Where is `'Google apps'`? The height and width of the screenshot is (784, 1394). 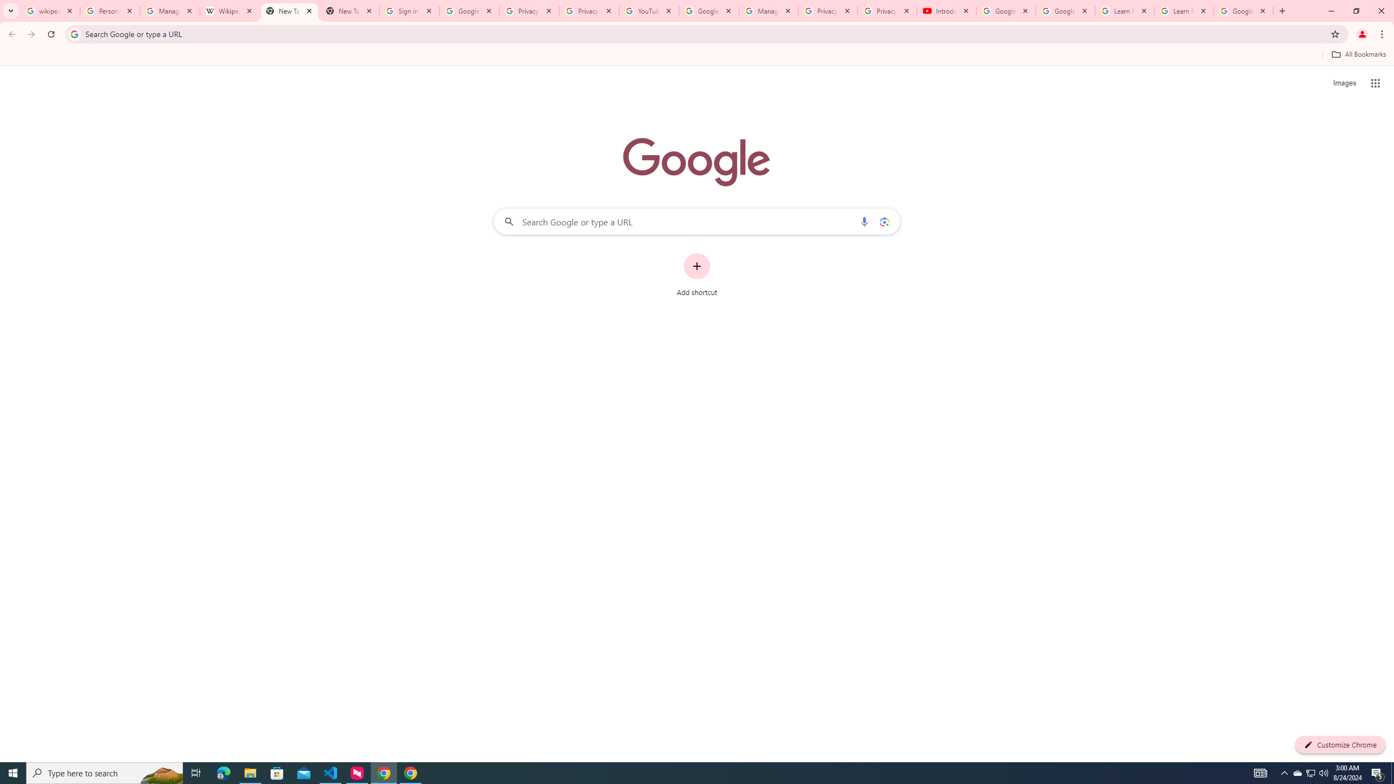 'Google apps' is located at coordinates (1375, 83).